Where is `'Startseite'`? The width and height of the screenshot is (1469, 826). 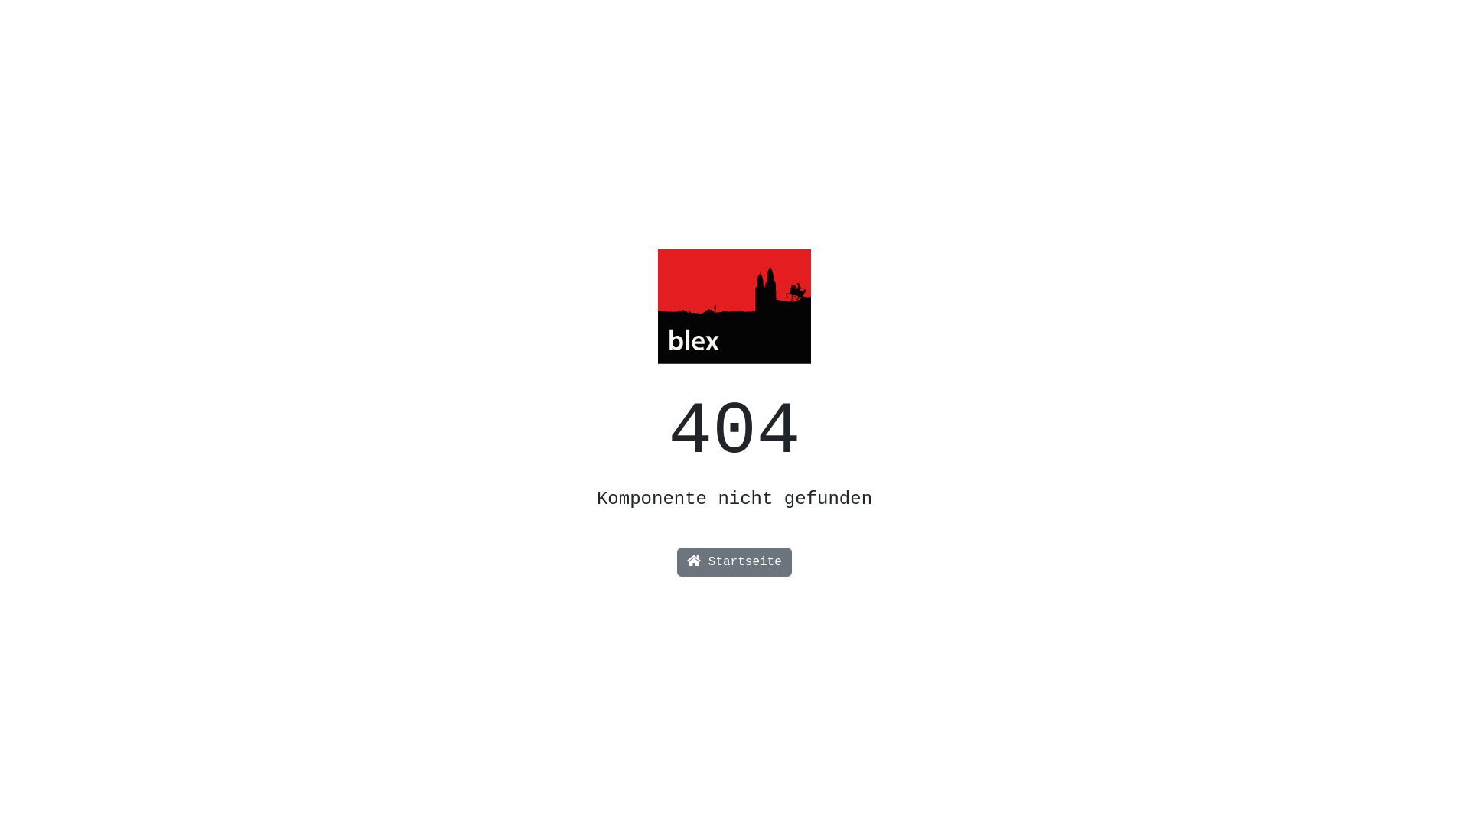
'Startseite' is located at coordinates (734, 562).